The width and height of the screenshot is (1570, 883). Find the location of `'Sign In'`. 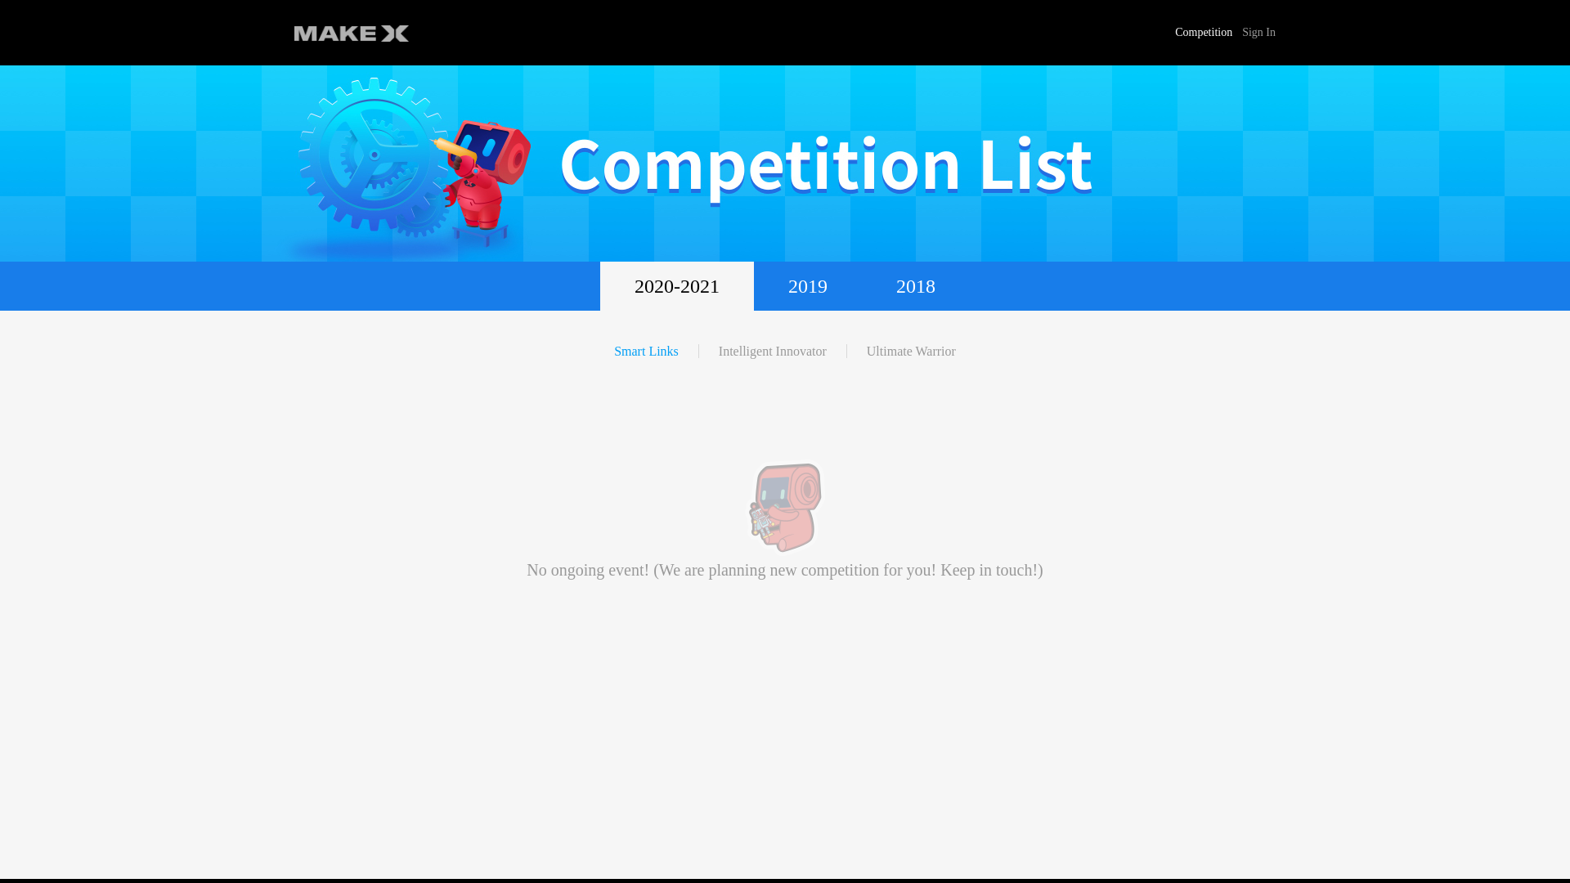

'Sign In' is located at coordinates (1258, 32).